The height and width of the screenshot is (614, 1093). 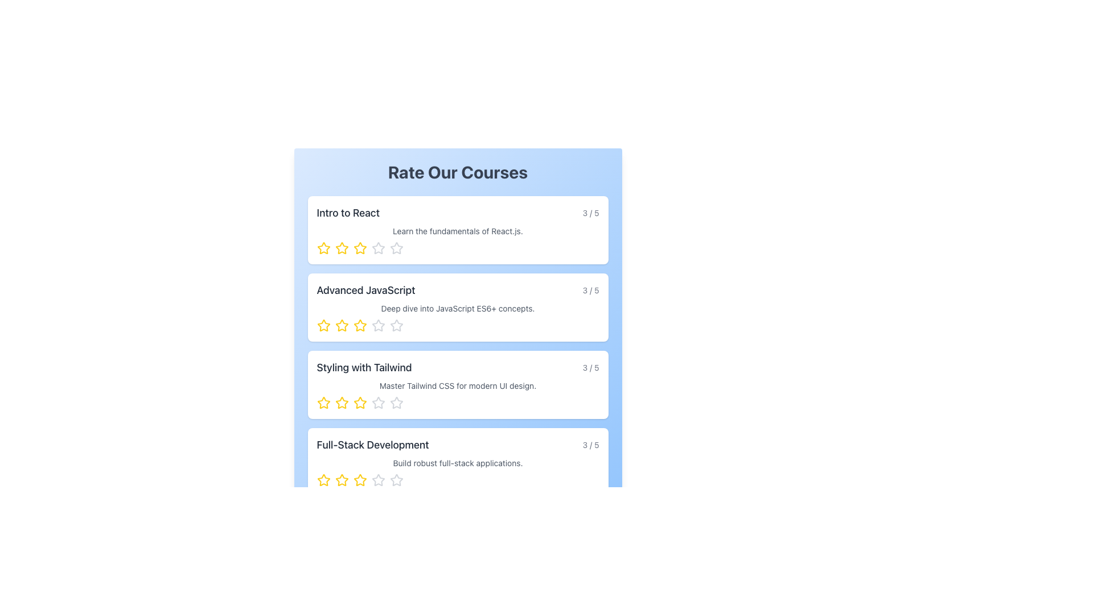 I want to click on the fourth star in the rating system for the 'Intro to React' course to rate it, so click(x=396, y=247).